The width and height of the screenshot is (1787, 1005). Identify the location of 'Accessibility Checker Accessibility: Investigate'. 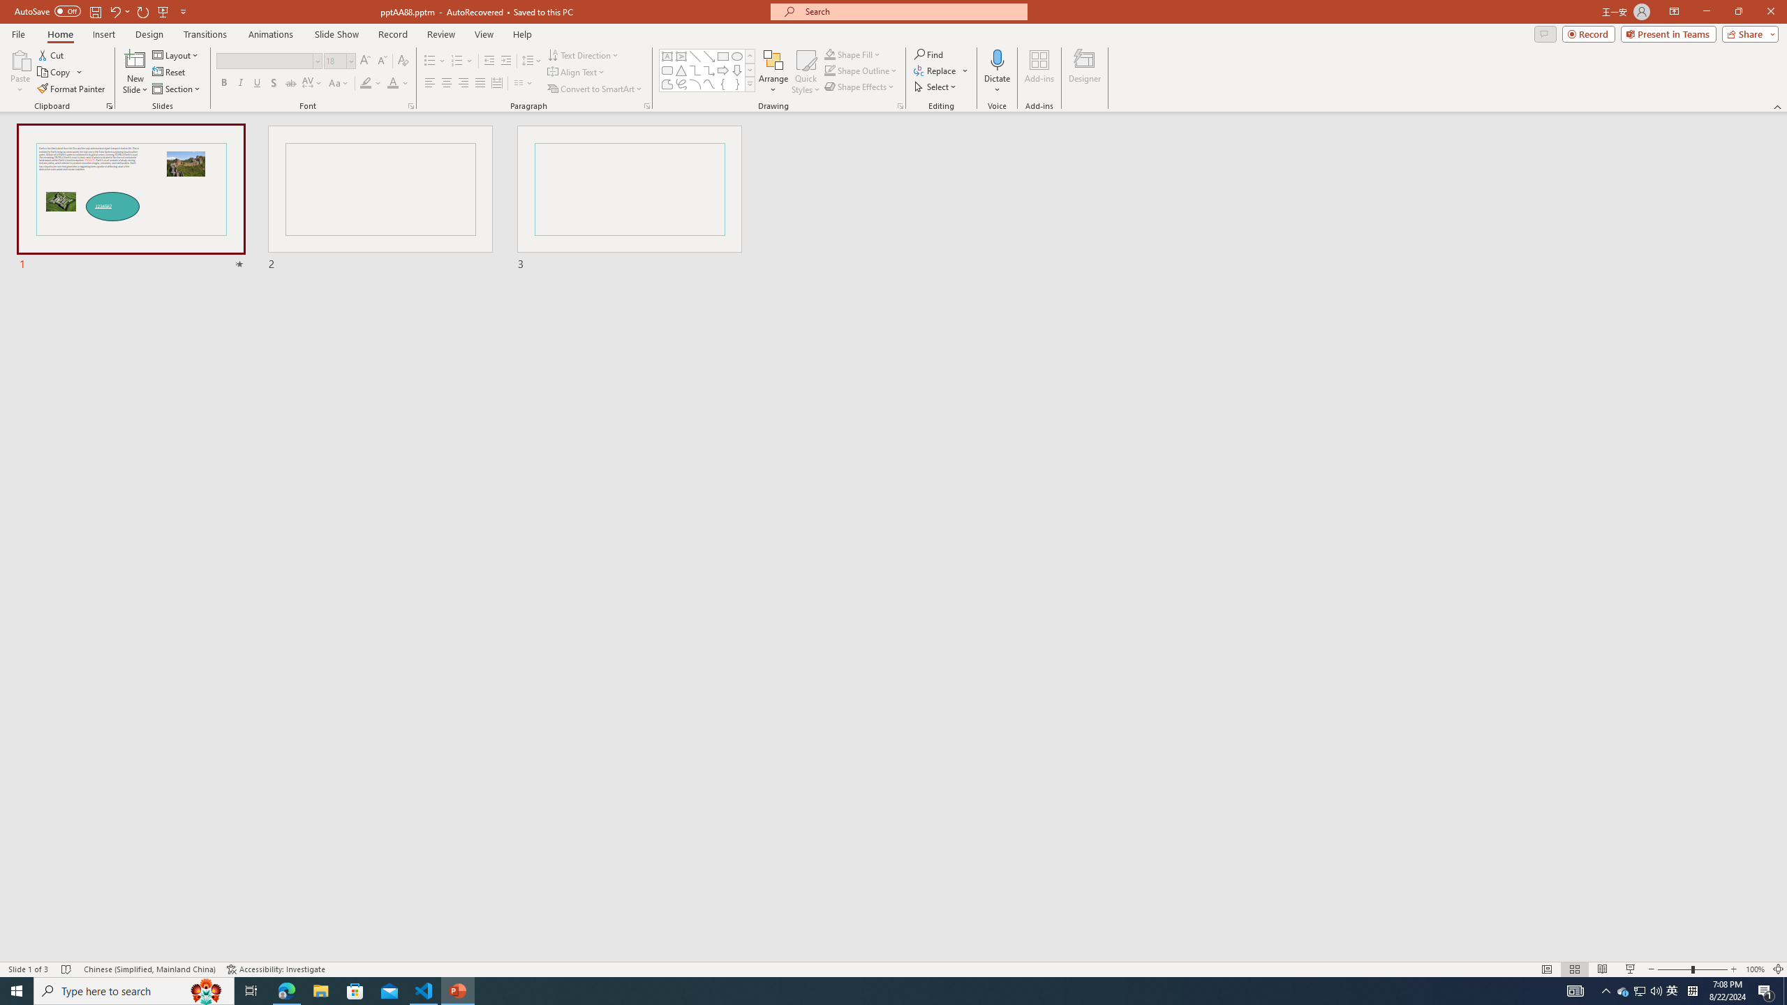
(276, 969).